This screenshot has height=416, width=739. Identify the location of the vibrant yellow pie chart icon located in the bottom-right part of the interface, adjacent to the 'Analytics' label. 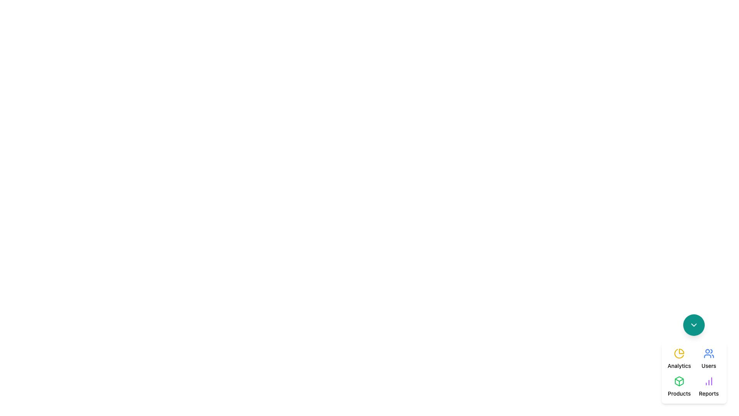
(679, 354).